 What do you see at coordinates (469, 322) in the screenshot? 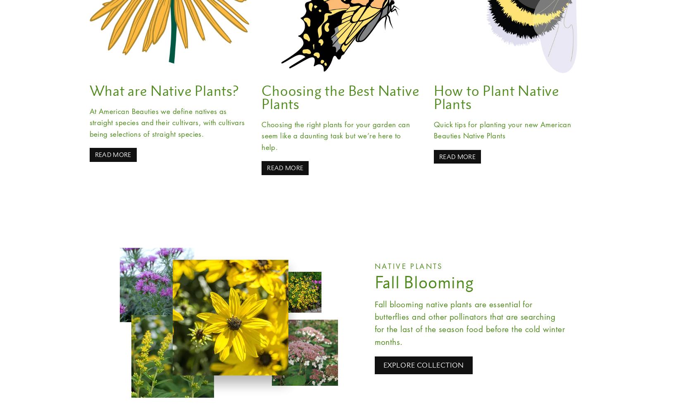
I see `'Fall blooming native plants are essential for butterflies and other pollinators that are searching for the last of the season food before the cold winter months.'` at bounding box center [469, 322].